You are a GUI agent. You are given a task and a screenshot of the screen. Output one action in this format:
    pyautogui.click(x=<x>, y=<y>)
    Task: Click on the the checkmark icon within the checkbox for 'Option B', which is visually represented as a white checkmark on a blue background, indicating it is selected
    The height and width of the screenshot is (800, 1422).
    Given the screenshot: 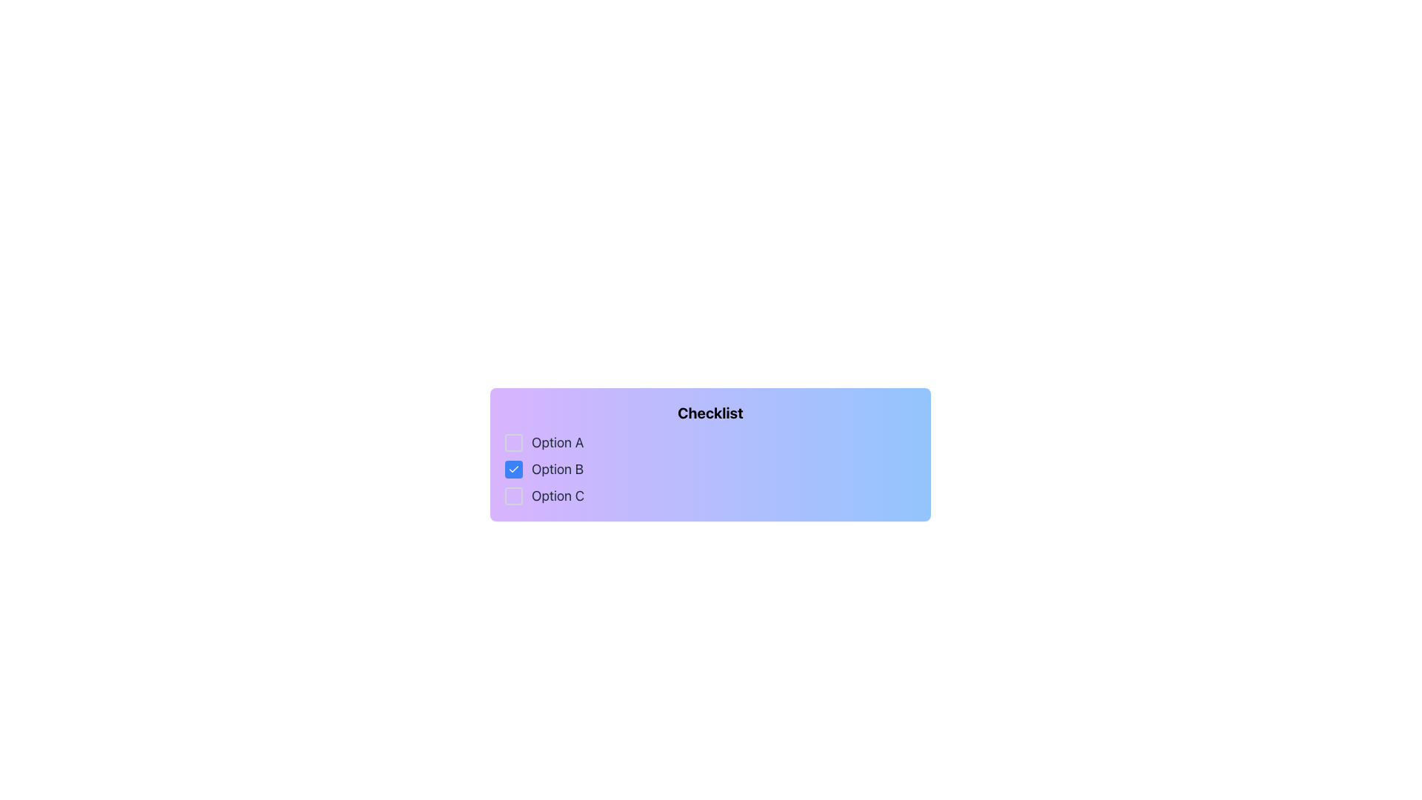 What is the action you would take?
    pyautogui.click(x=514, y=469)
    